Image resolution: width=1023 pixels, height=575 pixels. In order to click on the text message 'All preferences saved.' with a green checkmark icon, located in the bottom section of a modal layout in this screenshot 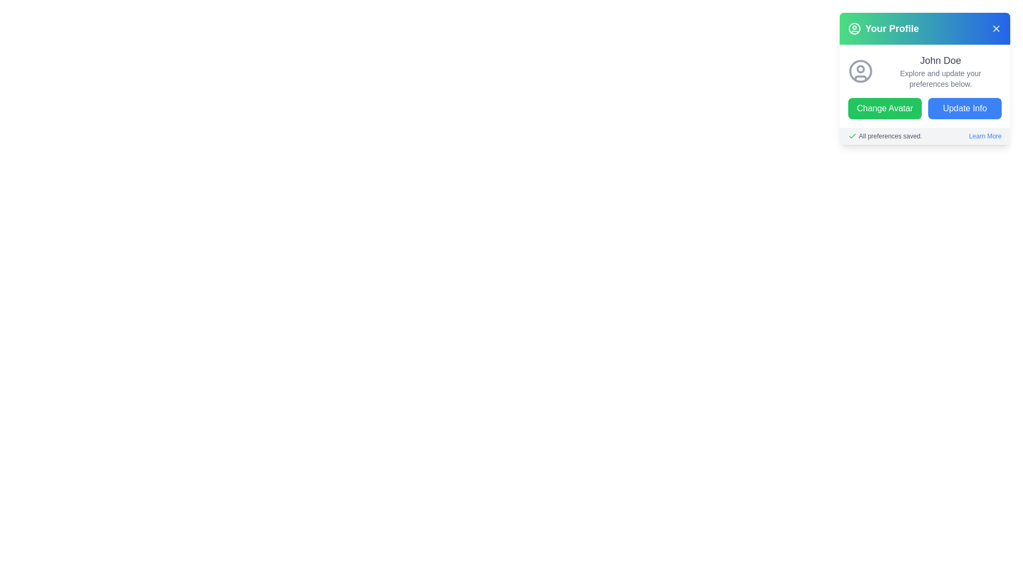, I will do `click(885, 135)`.